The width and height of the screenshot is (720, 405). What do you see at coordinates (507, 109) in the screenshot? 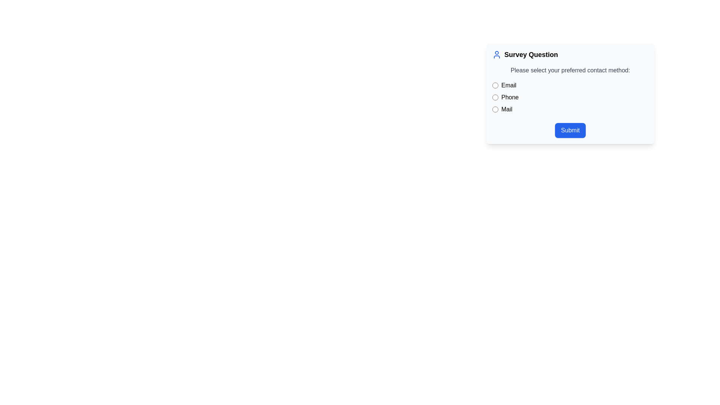
I see `text label displaying 'Mail' which is positioned to the right of a radio button in a vertical stack of options` at bounding box center [507, 109].